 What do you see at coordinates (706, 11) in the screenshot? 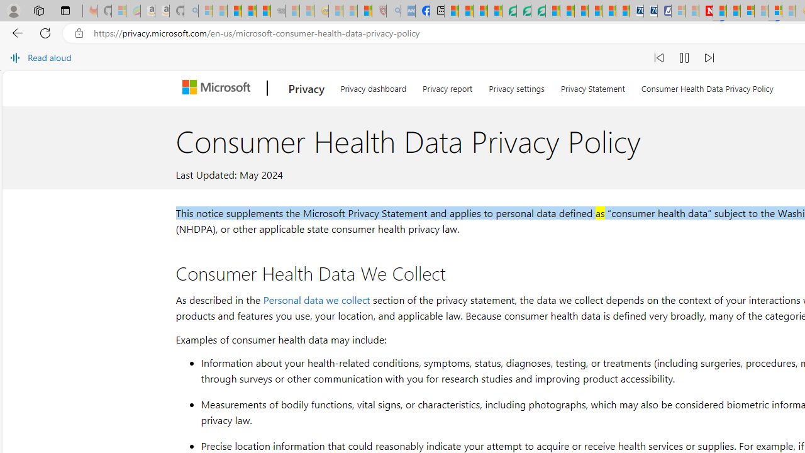
I see `'Latest Politics News & Archive | Newsweek.com'` at bounding box center [706, 11].